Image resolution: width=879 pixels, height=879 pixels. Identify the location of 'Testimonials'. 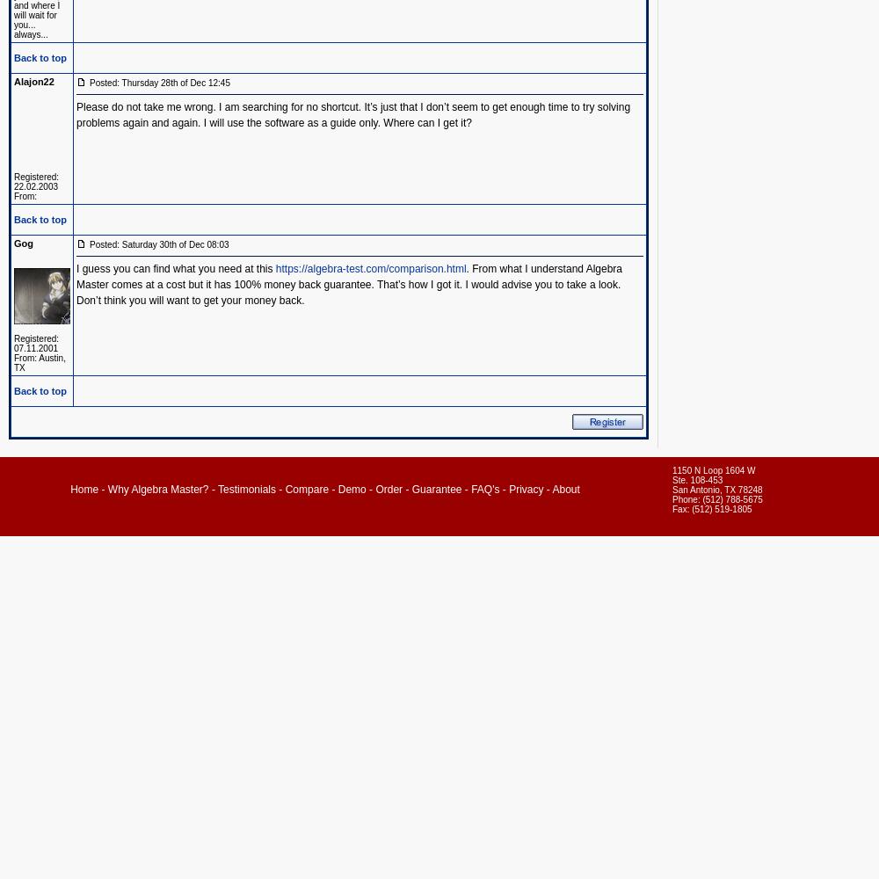
(217, 490).